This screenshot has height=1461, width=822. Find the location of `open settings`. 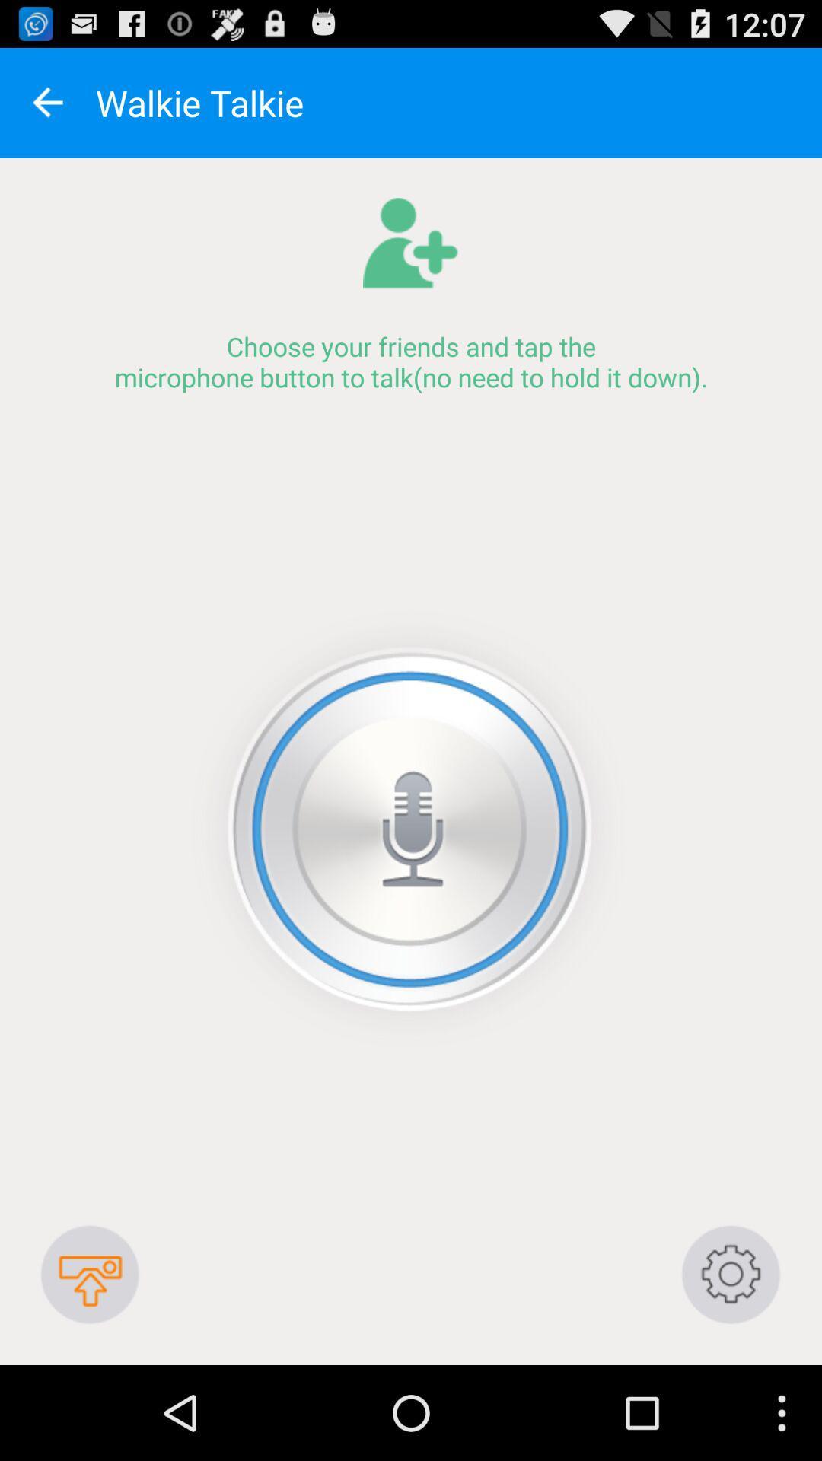

open settings is located at coordinates (731, 1275).